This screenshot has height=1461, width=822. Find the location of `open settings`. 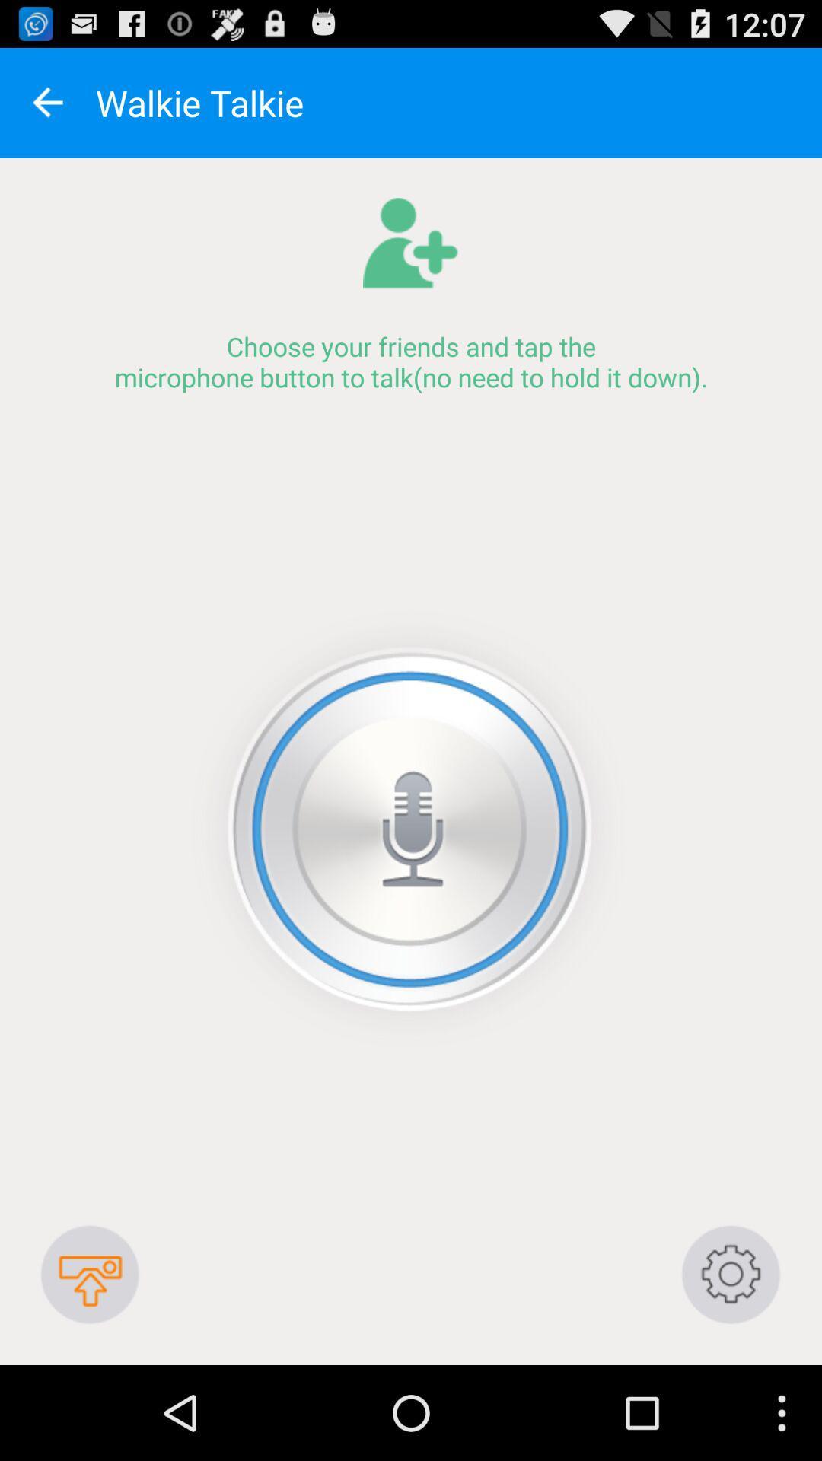

open settings is located at coordinates (731, 1275).